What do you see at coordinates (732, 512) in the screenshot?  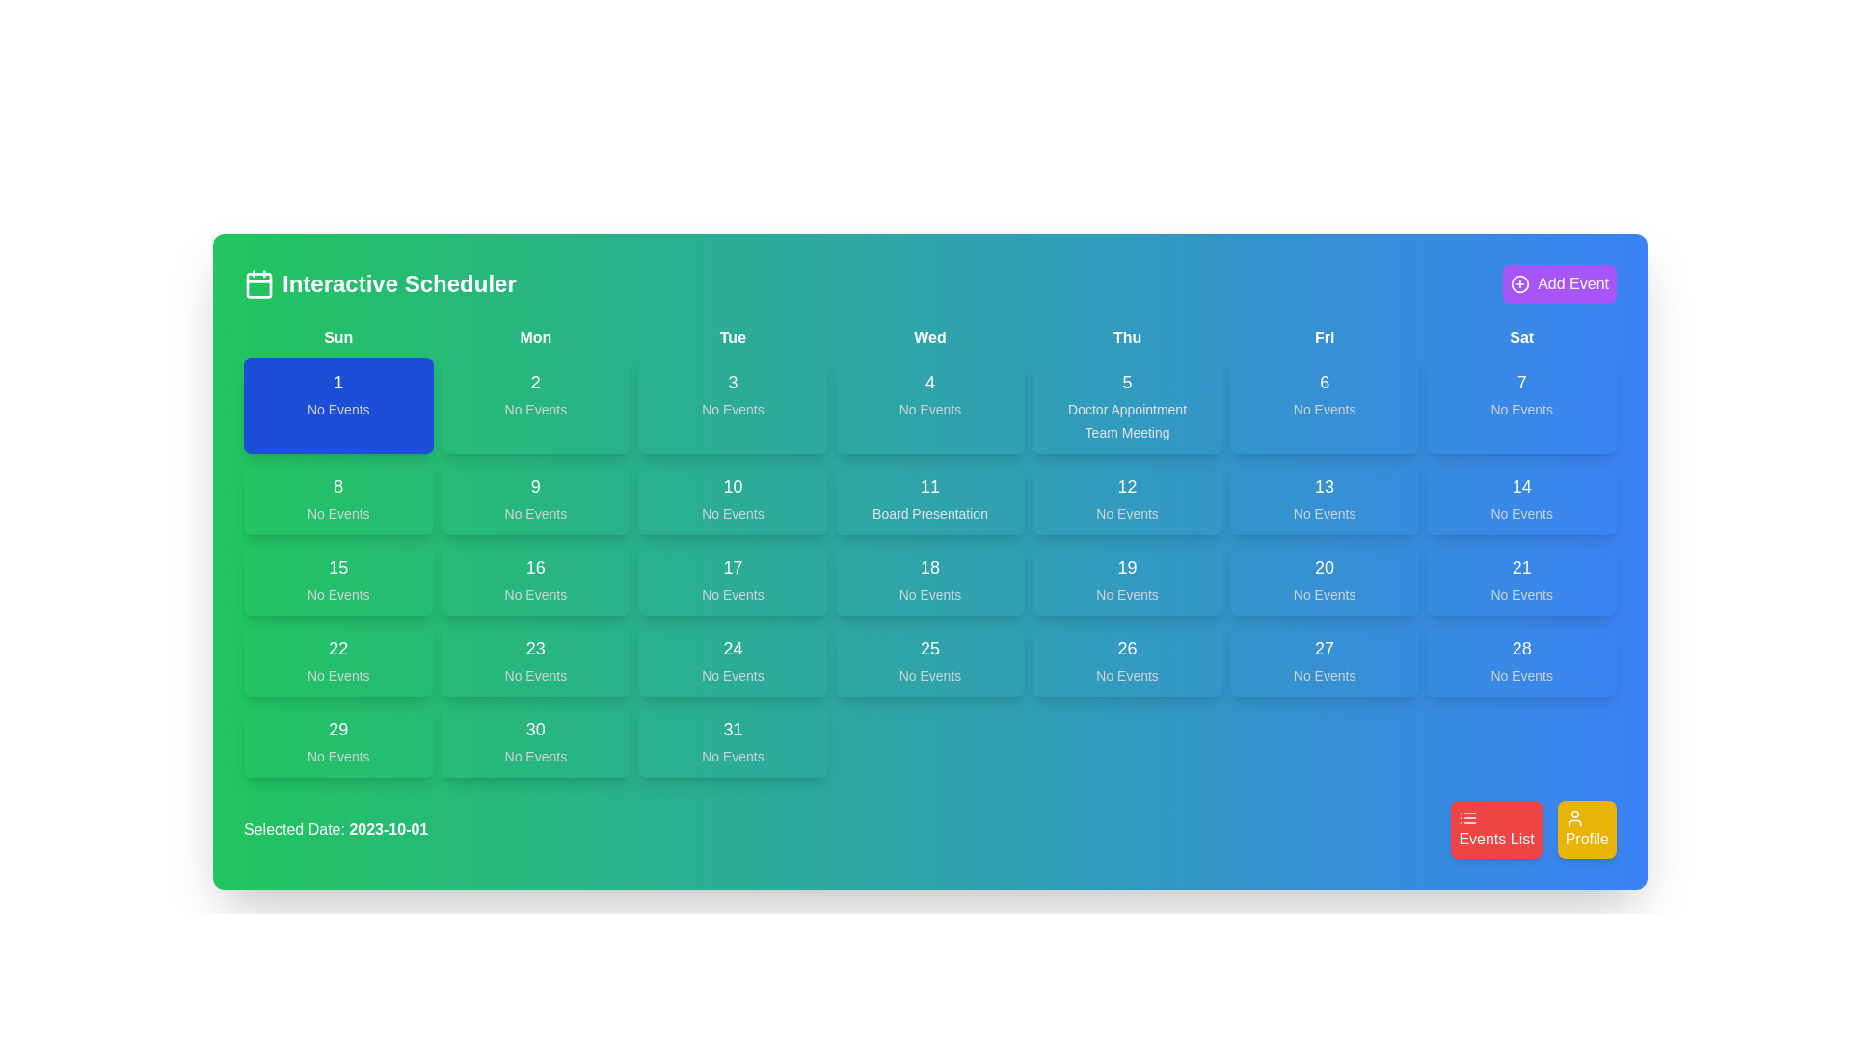 I see `the static text element displaying 'No Events' in light gray on a green background within the calendar for Tuesday, the 10th` at bounding box center [732, 512].